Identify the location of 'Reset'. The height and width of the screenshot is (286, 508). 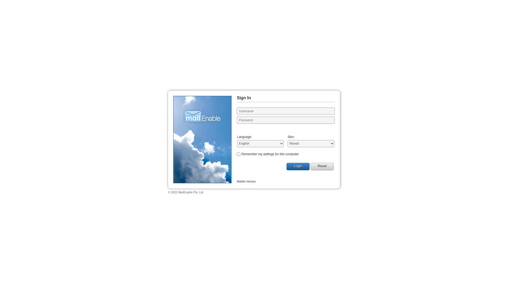
(322, 166).